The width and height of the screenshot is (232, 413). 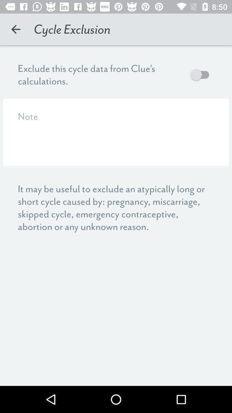 What do you see at coordinates (15, 29) in the screenshot?
I see `the icon to the left of the cycle exclusion` at bounding box center [15, 29].